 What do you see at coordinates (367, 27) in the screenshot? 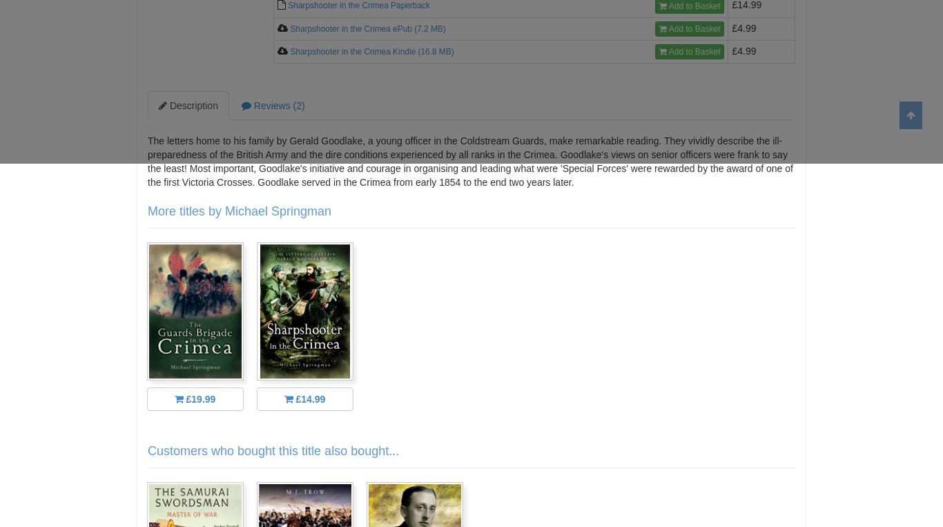
I see `'Sharpshooter in the Crimea ePub  (7.2 MB)'` at bounding box center [367, 27].